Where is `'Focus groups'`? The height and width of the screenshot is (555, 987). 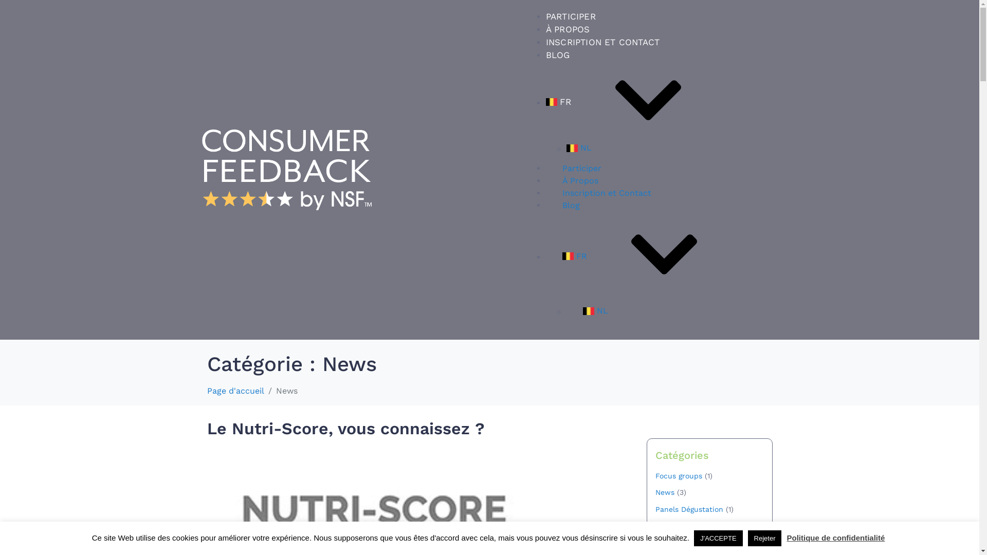
'Focus groups' is located at coordinates (654, 475).